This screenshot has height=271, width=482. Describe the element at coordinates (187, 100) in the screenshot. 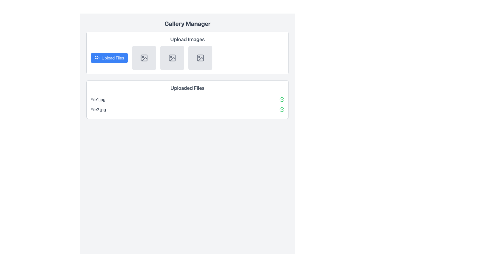

I see `the first list item displaying 'File1.jpg'` at that location.